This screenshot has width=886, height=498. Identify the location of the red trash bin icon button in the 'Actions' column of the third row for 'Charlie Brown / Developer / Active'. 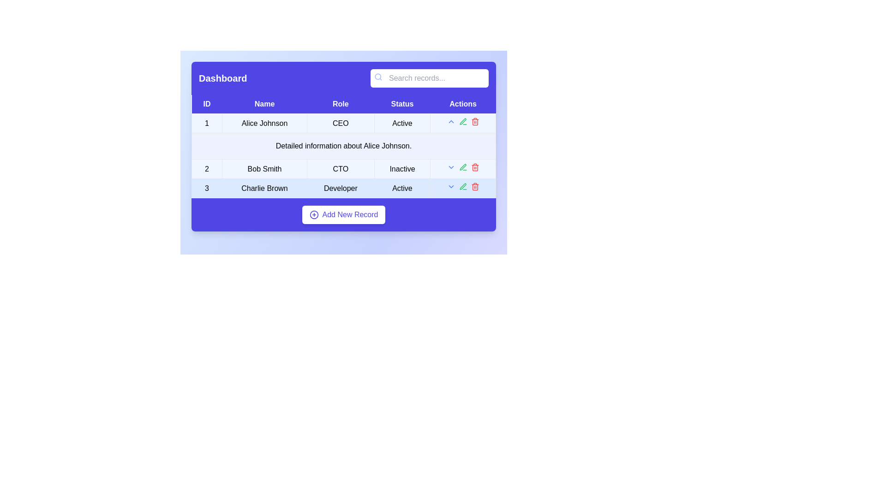
(475, 187).